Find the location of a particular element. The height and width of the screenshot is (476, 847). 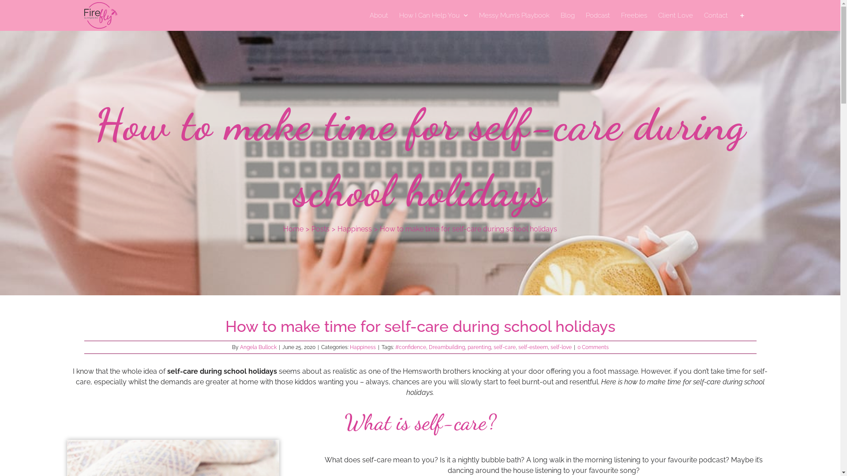

'Podcast' is located at coordinates (598, 15).